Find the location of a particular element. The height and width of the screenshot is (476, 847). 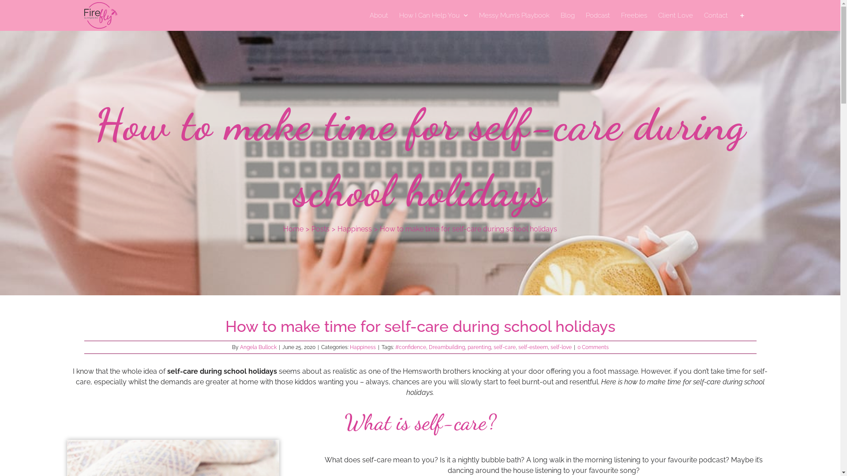

'Podcast' is located at coordinates (598, 15).